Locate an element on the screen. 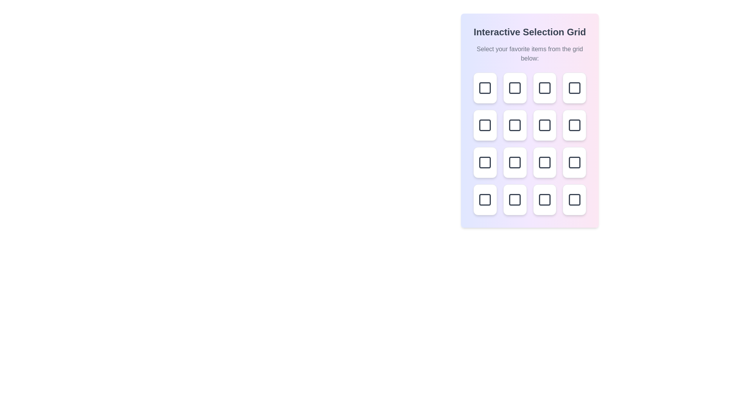  the square button with a white background and dark border located in the second row, third column of the 'Interactive Selection Grid' is located at coordinates (515, 125).